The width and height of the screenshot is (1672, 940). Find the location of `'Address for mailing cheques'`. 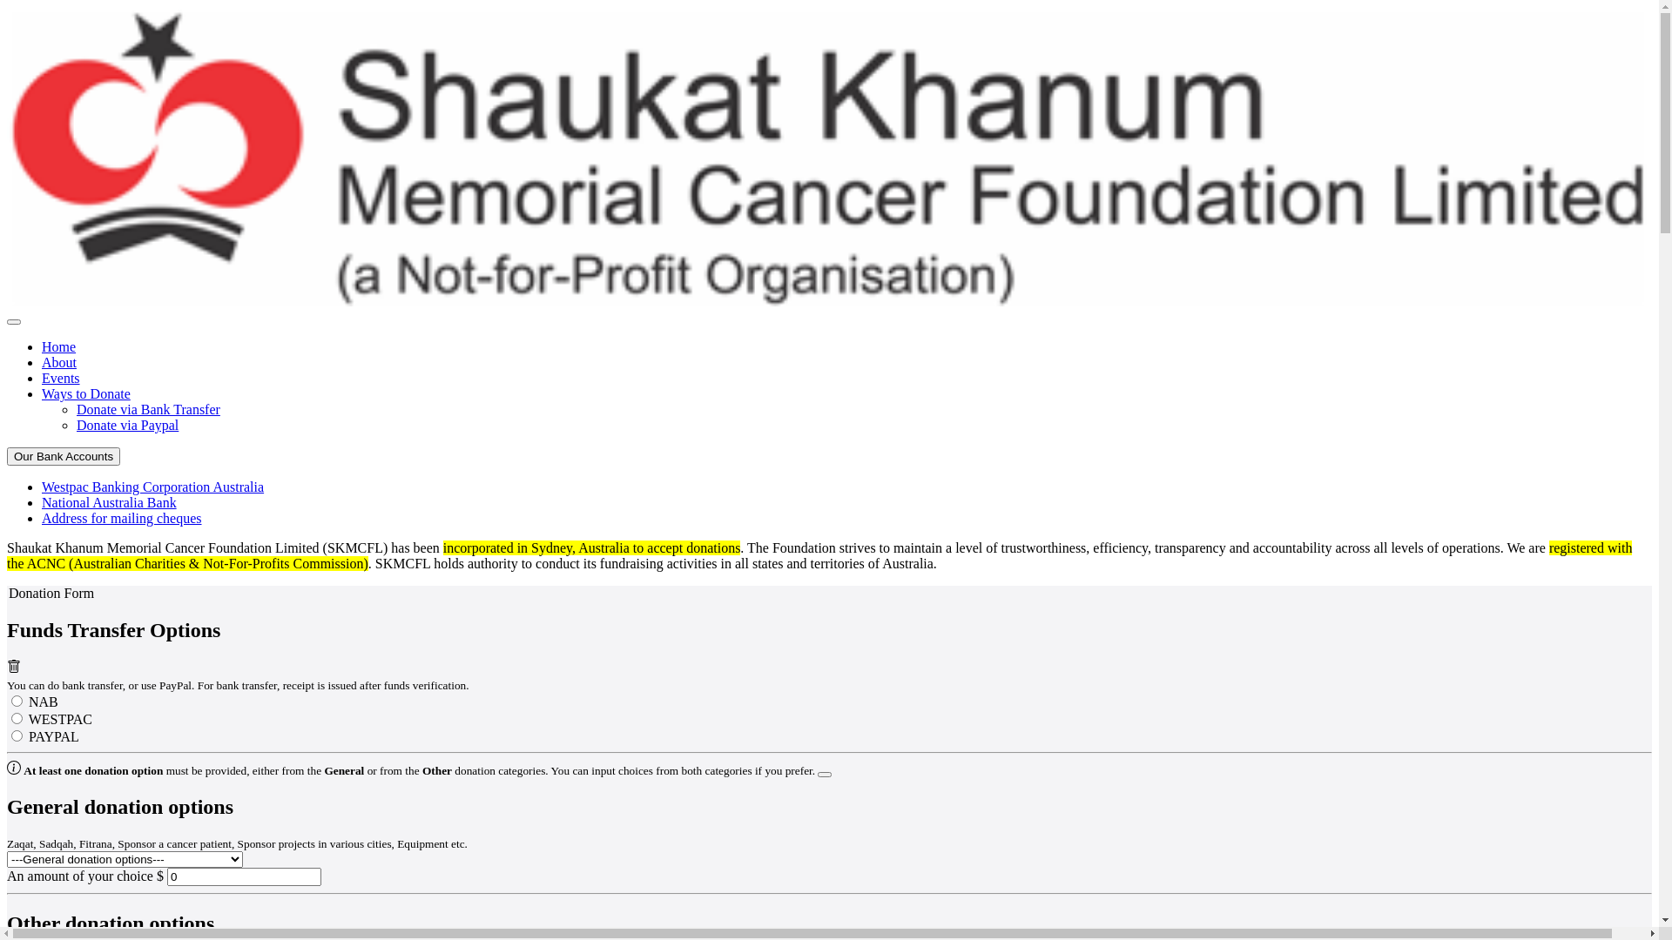

'Address for mailing cheques' is located at coordinates (42, 517).